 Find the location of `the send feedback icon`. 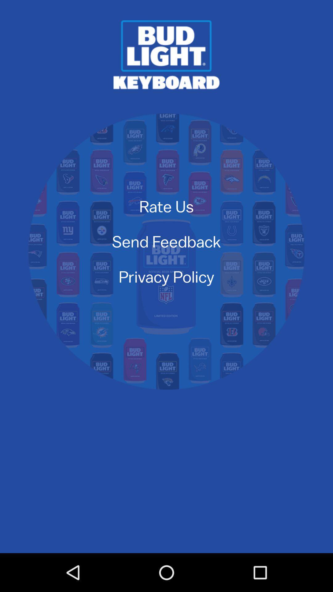

the send feedback icon is located at coordinates (166, 241).